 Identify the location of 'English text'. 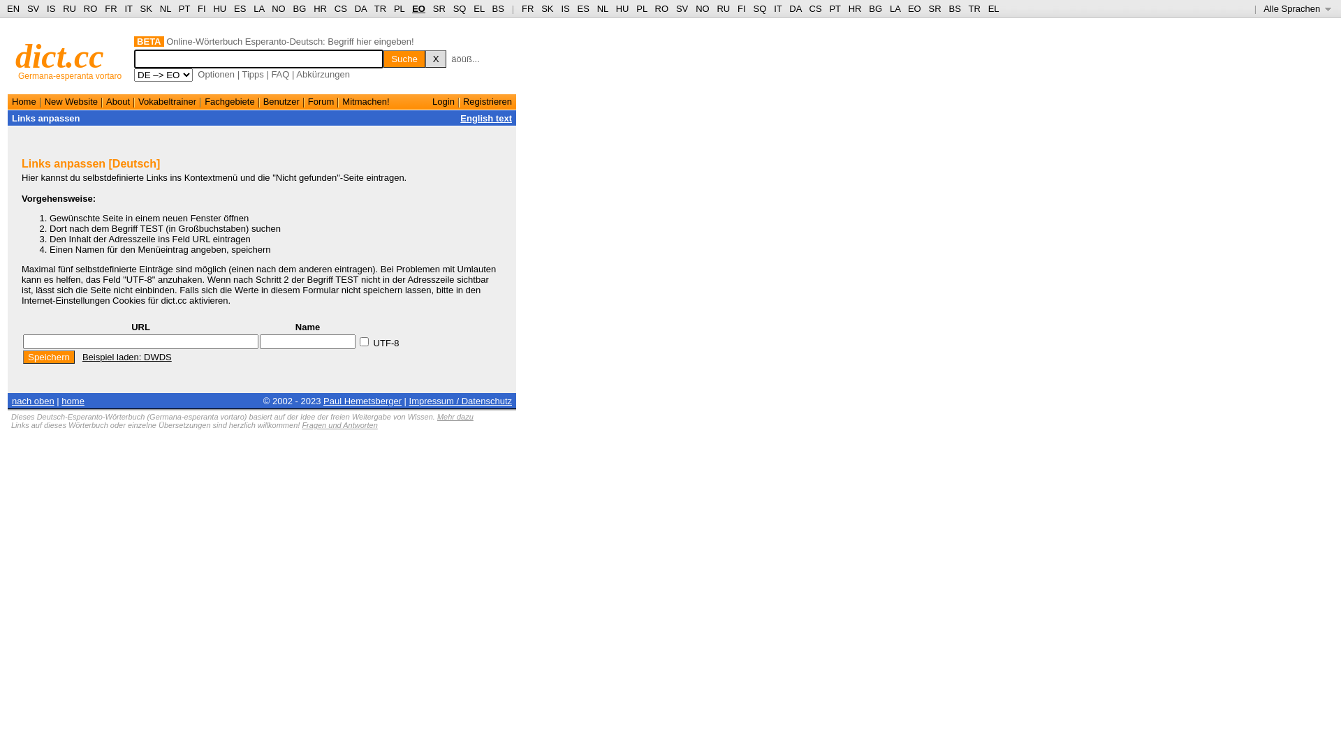
(486, 117).